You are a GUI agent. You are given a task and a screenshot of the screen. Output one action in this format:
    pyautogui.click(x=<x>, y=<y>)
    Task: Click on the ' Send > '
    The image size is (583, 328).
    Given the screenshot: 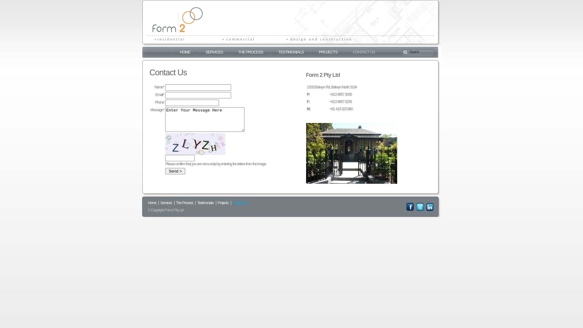 What is the action you would take?
    pyautogui.click(x=175, y=171)
    